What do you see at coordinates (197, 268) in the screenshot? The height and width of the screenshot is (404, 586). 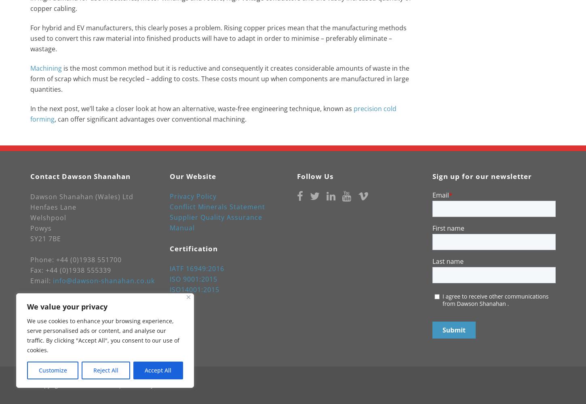 I see `'IATF 16949:2016'` at bounding box center [197, 268].